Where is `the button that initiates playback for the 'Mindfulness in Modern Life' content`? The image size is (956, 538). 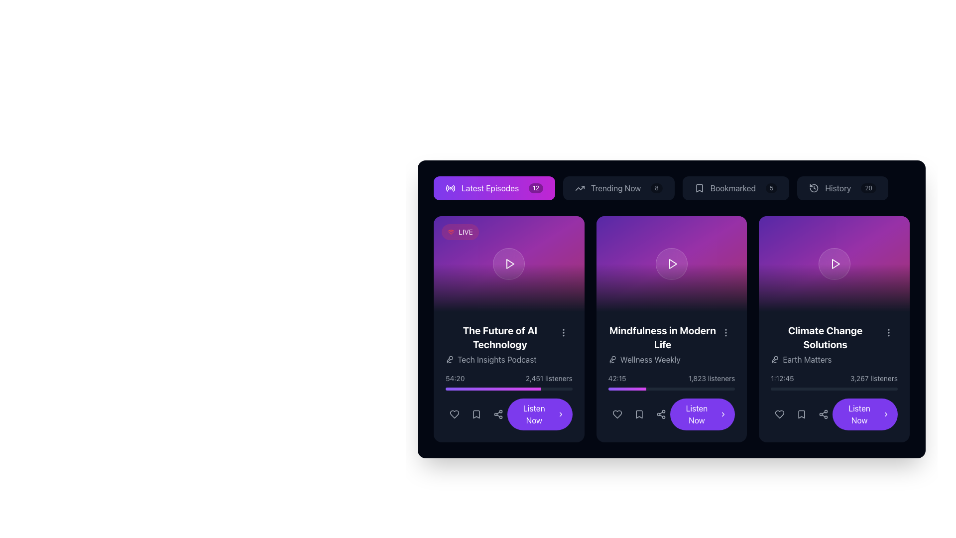
the button that initiates playback for the 'Mindfulness in Modern Life' content is located at coordinates (671, 414).